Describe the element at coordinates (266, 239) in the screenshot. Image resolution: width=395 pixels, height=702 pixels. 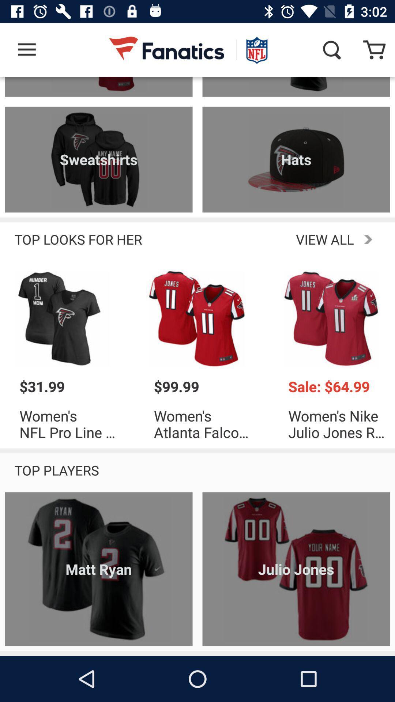
I see `view all item` at that location.